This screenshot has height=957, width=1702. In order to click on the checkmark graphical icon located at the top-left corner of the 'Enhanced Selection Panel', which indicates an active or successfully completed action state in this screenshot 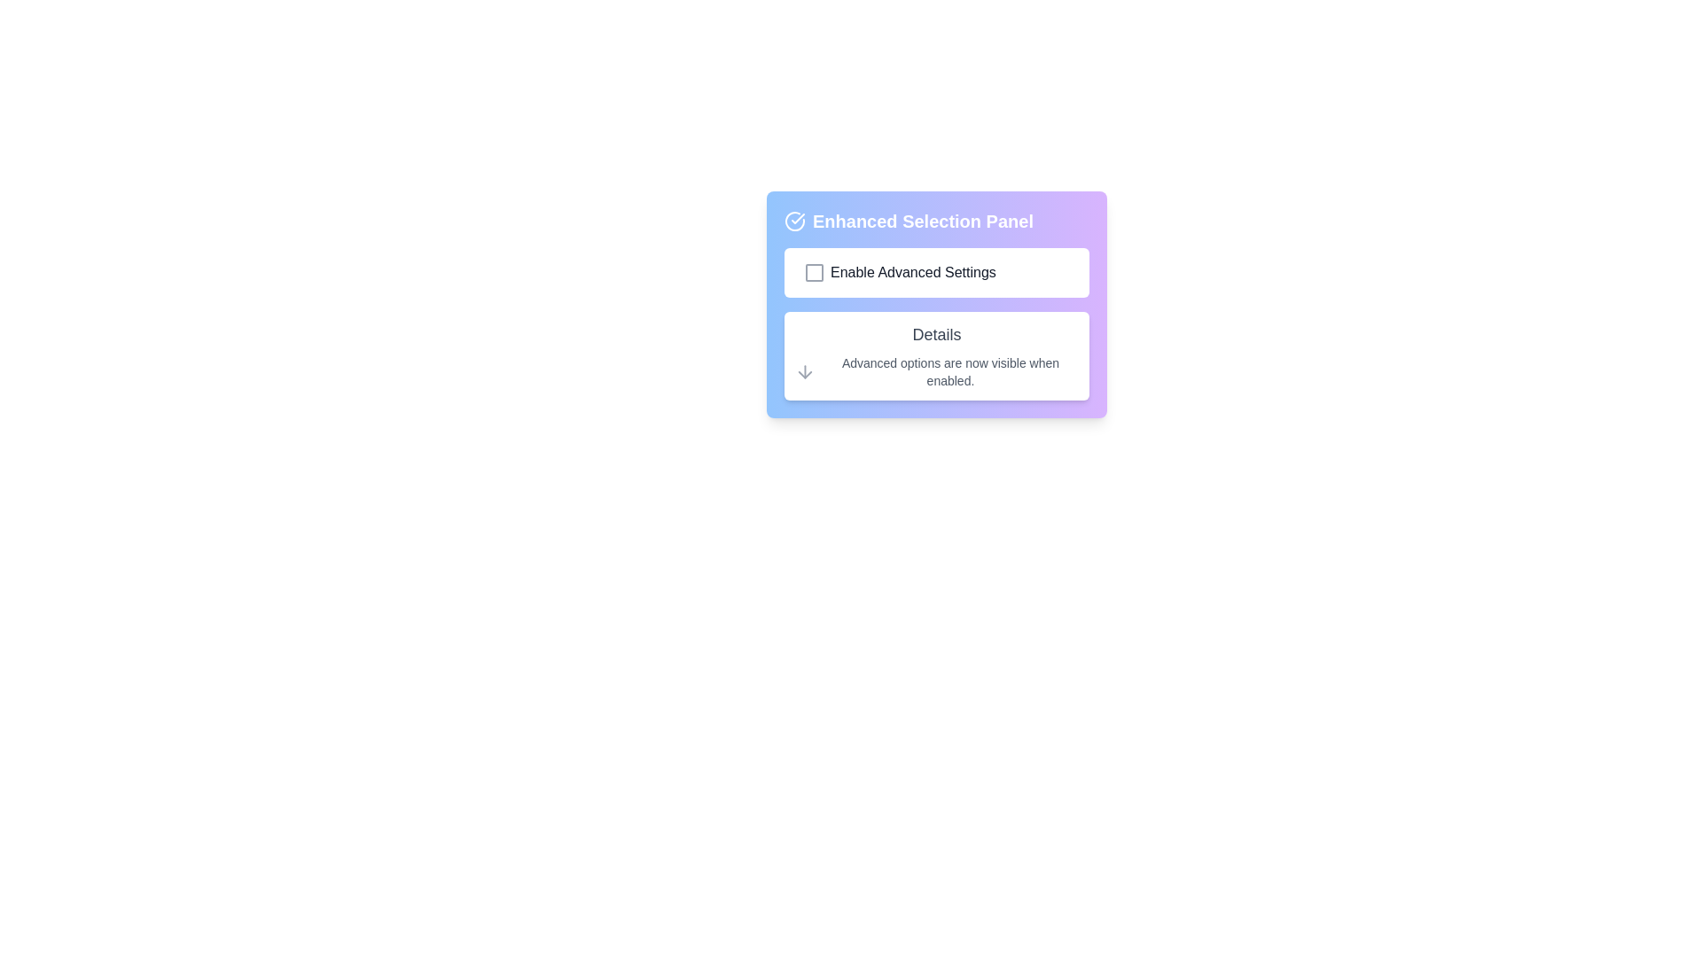, I will do `click(797, 217)`.